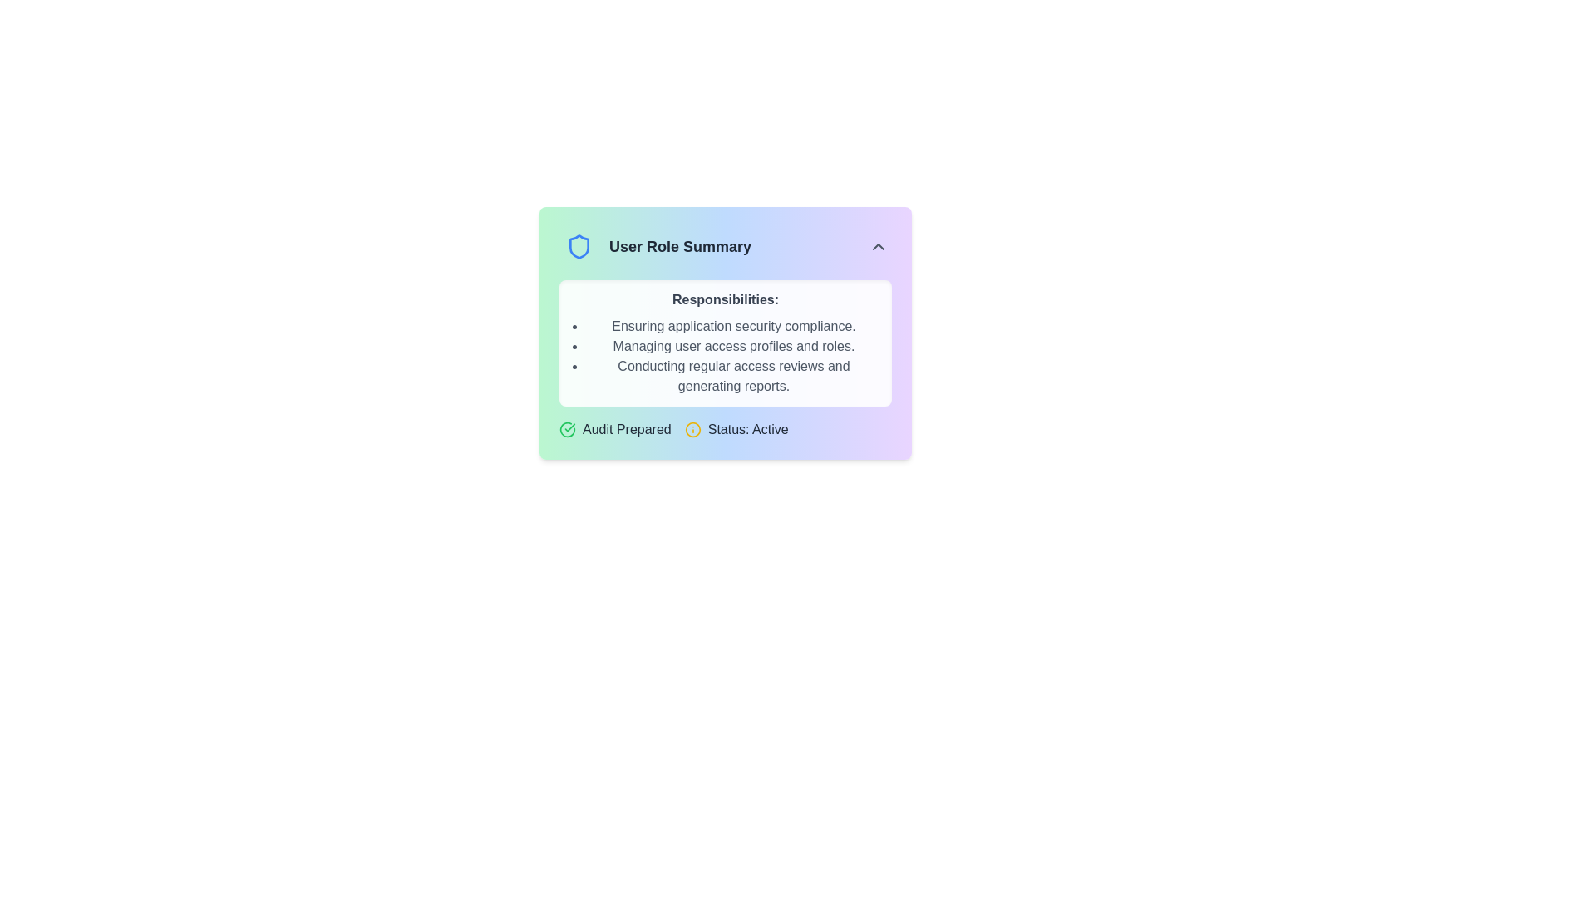 The image size is (1596, 898). What do you see at coordinates (733, 376) in the screenshot?
I see `the third bulleted list item in the 'Responsibilities' section, which reads 'Conducting regular access reviews and generating reports.'` at bounding box center [733, 376].